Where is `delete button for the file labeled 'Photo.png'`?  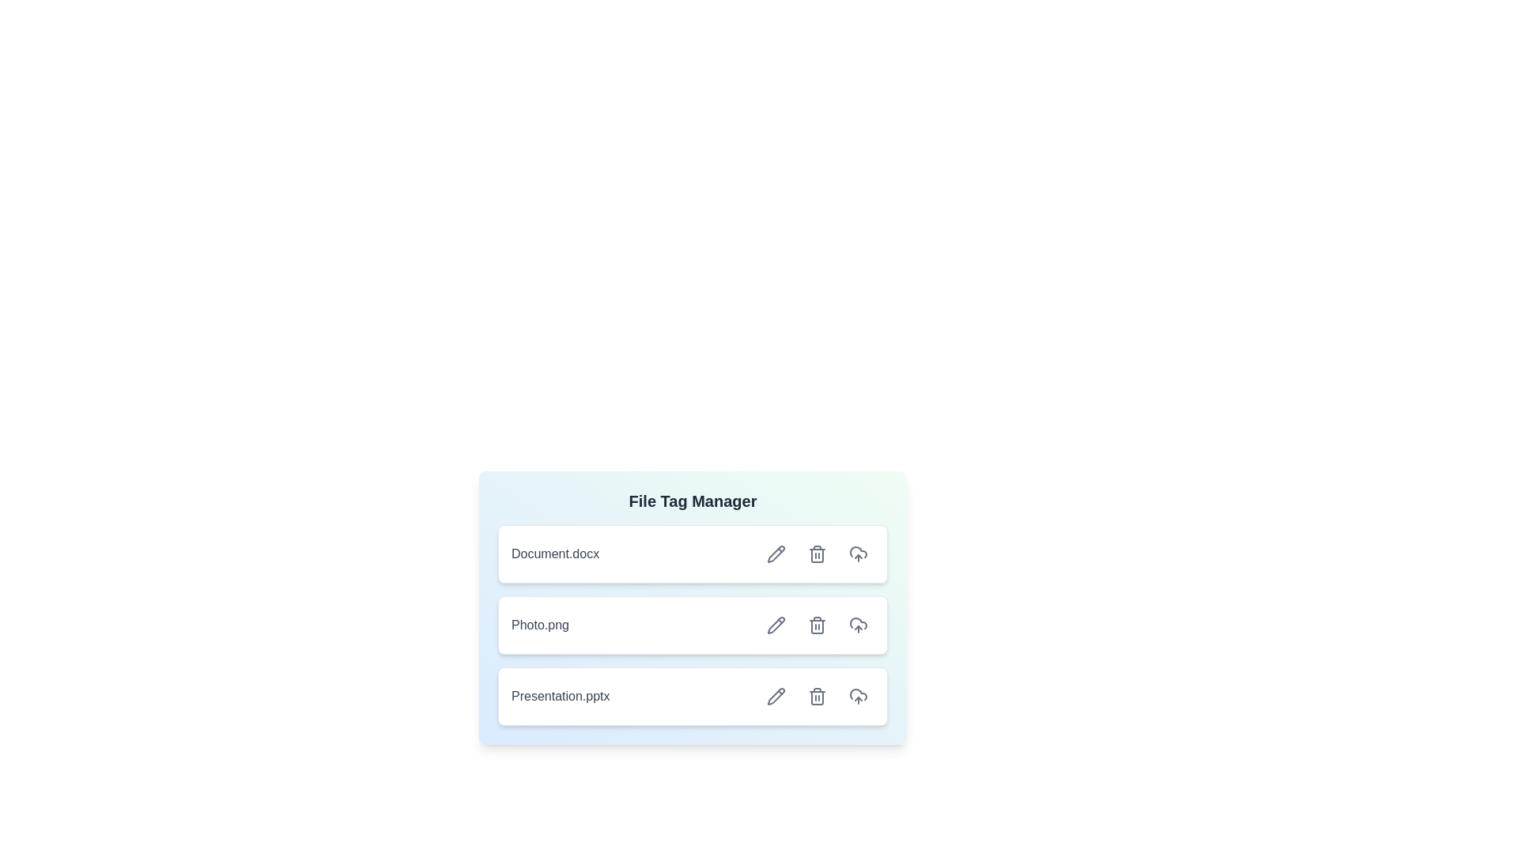
delete button for the file labeled 'Photo.png' is located at coordinates (817, 624).